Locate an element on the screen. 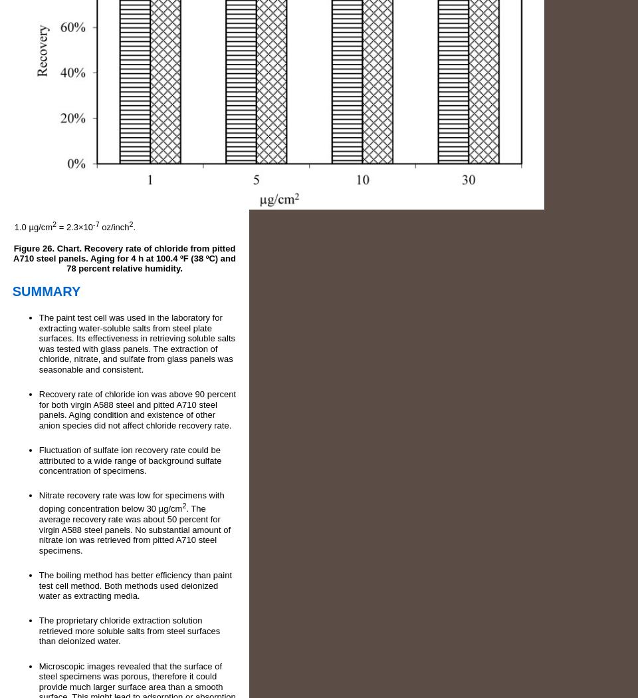 This screenshot has width=638, height=698. '= 2.3×10' is located at coordinates (74, 226).